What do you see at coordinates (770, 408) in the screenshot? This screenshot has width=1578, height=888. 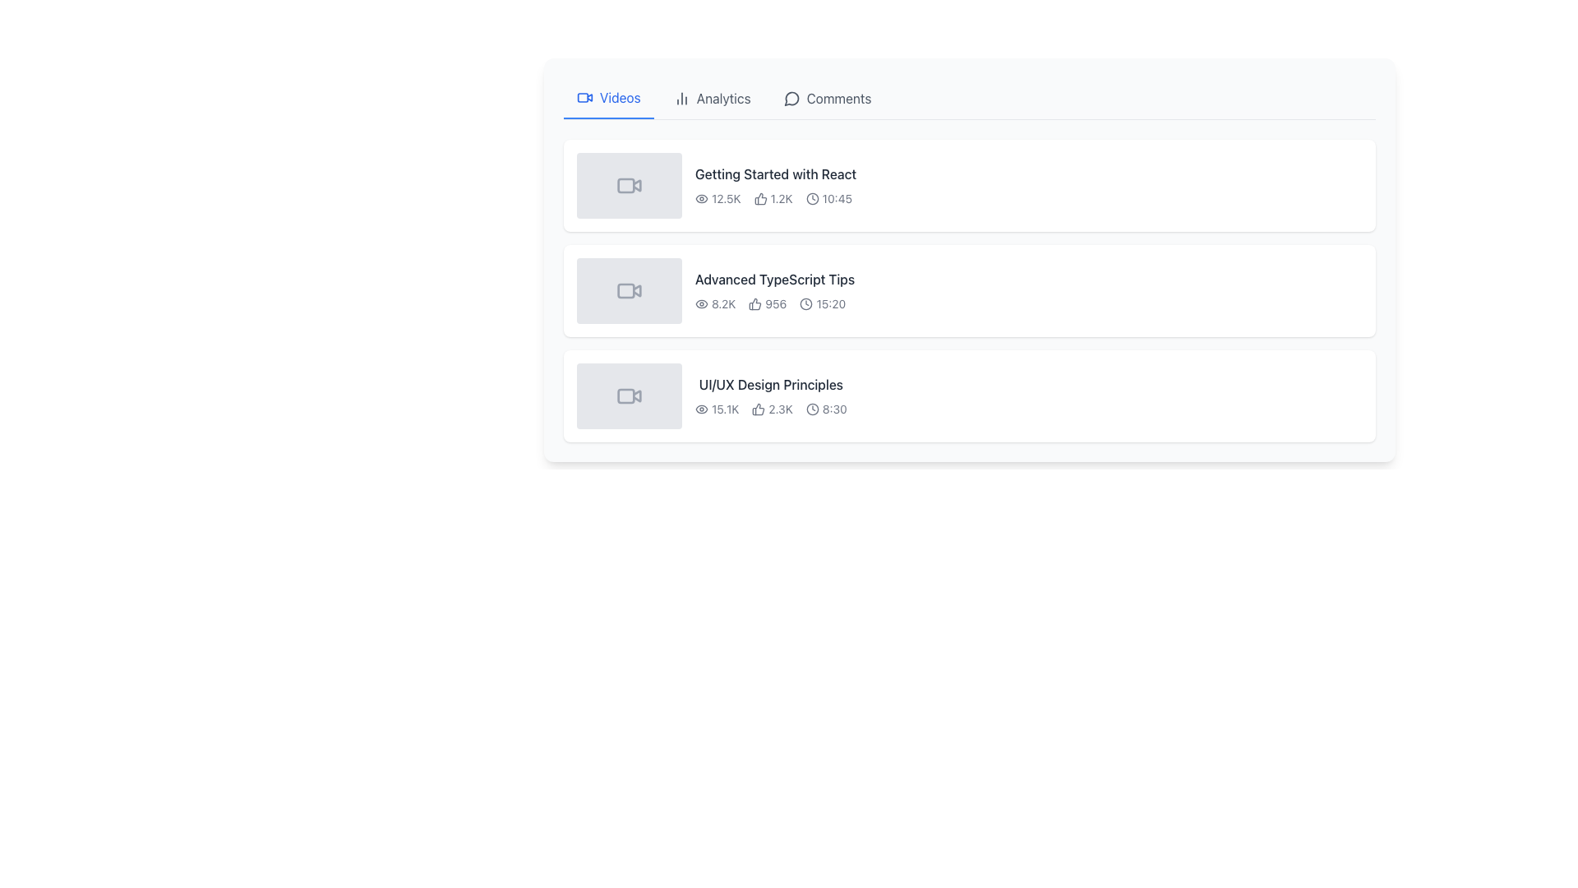 I see `the Text and Icon Group displaying the view count, like count, and duration below the title 'UI/UX Design Principles'` at bounding box center [770, 408].